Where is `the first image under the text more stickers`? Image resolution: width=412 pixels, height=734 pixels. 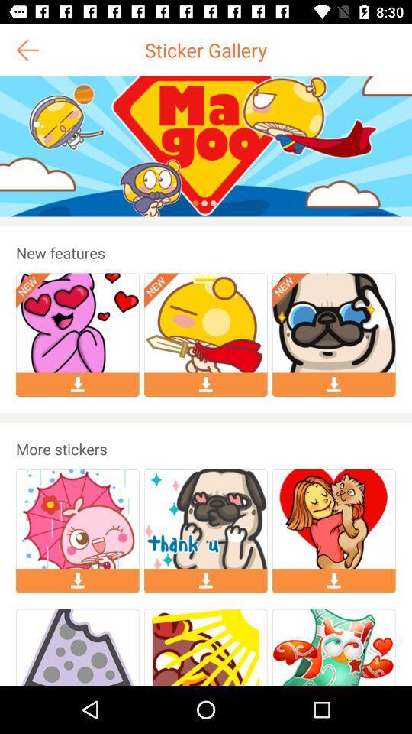 the first image under the text more stickers is located at coordinates (78, 519).